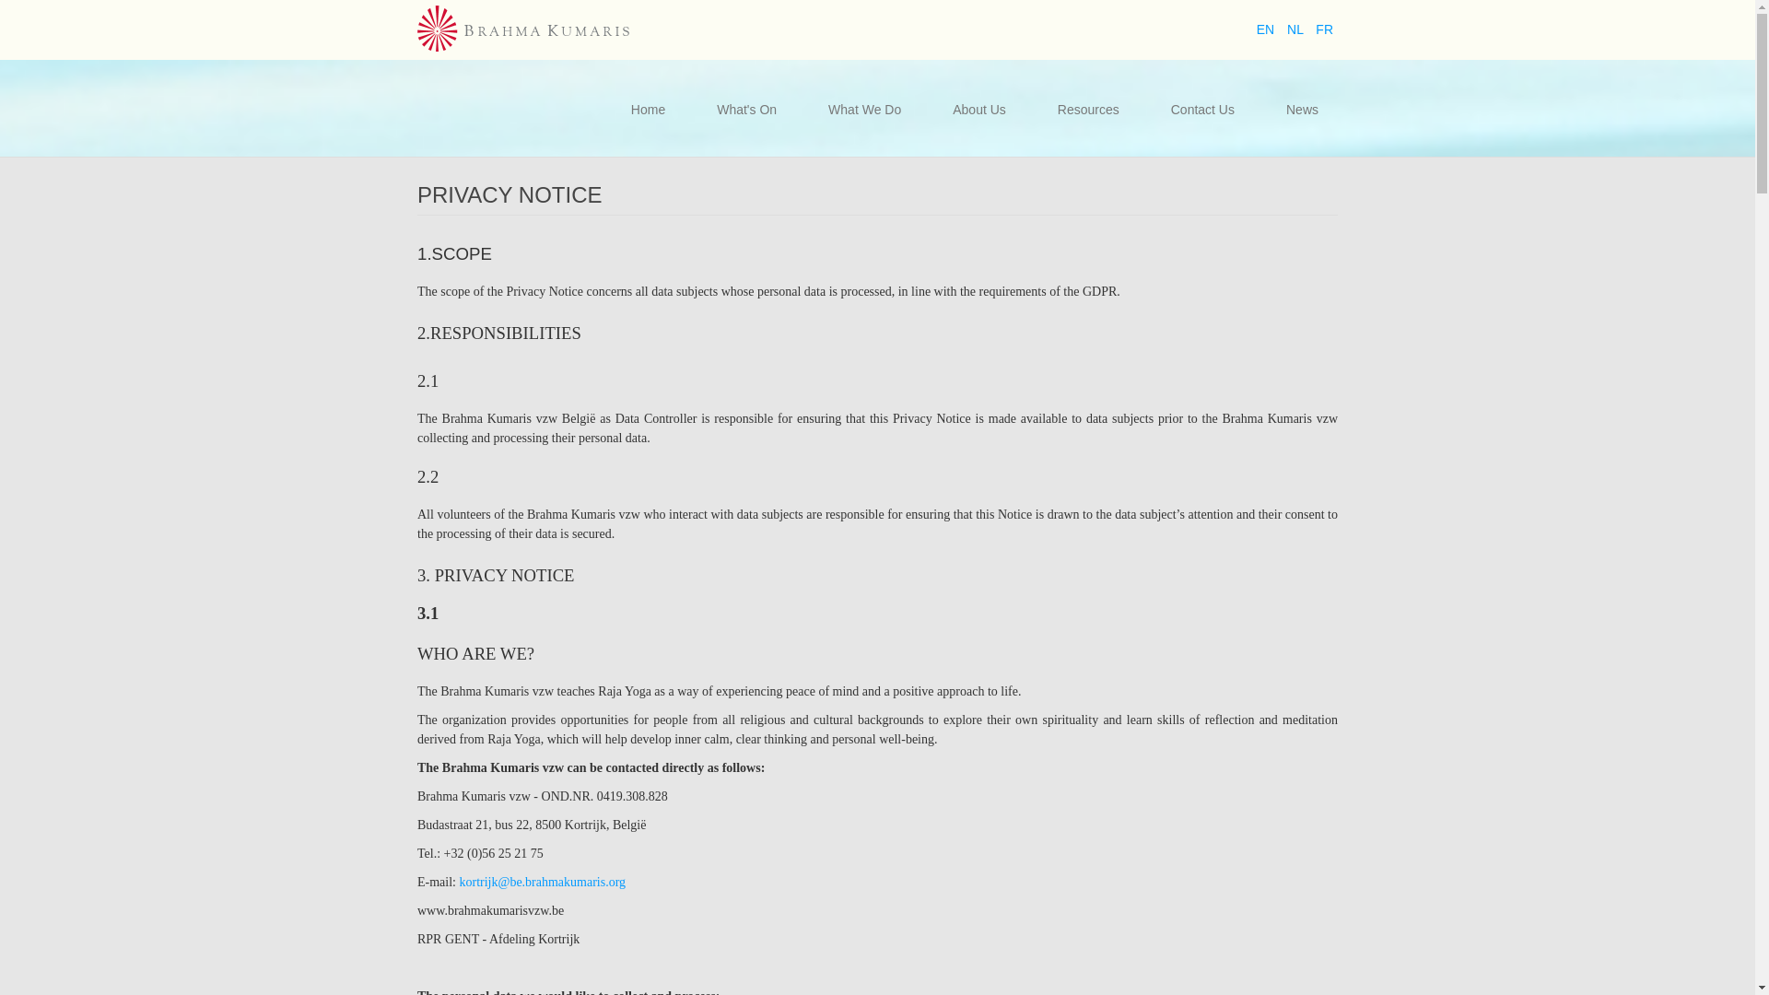  I want to click on 'kortrijk@be.brahmakumaris.org', so click(541, 881).